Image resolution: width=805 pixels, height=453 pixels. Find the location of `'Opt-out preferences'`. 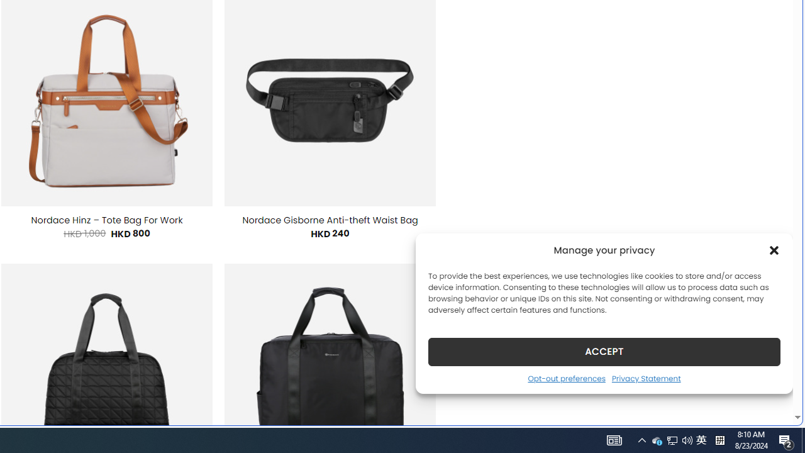

'Opt-out preferences' is located at coordinates (565, 377).